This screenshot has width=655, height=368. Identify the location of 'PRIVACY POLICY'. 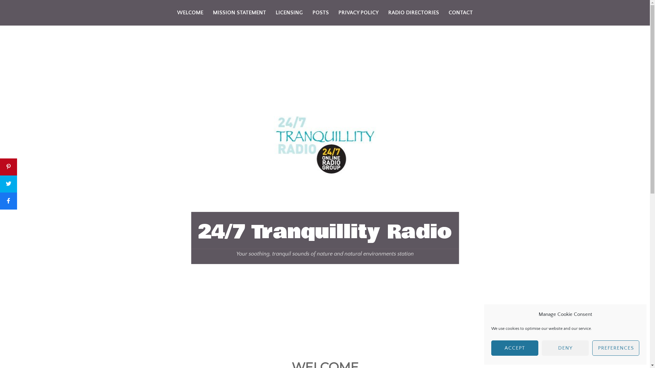
(358, 13).